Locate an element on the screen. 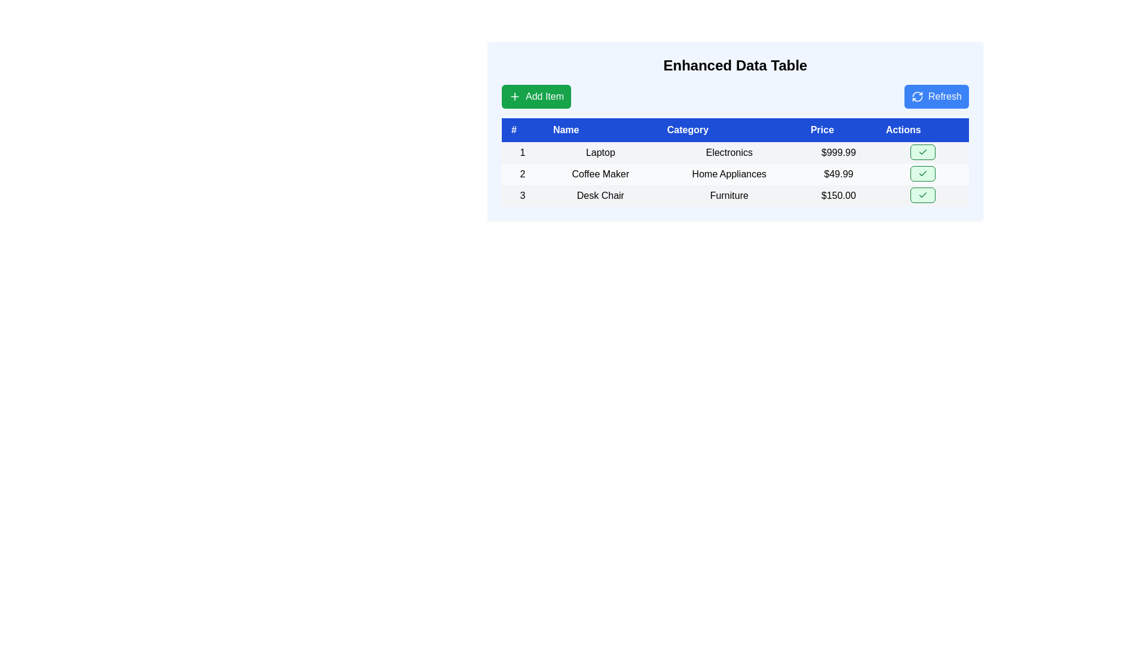 This screenshot has width=1147, height=645. the button with a green border and checkmark icon located in the 'Actions' column of the second row associated with the 'Home Appliances' category is located at coordinates (922, 173).